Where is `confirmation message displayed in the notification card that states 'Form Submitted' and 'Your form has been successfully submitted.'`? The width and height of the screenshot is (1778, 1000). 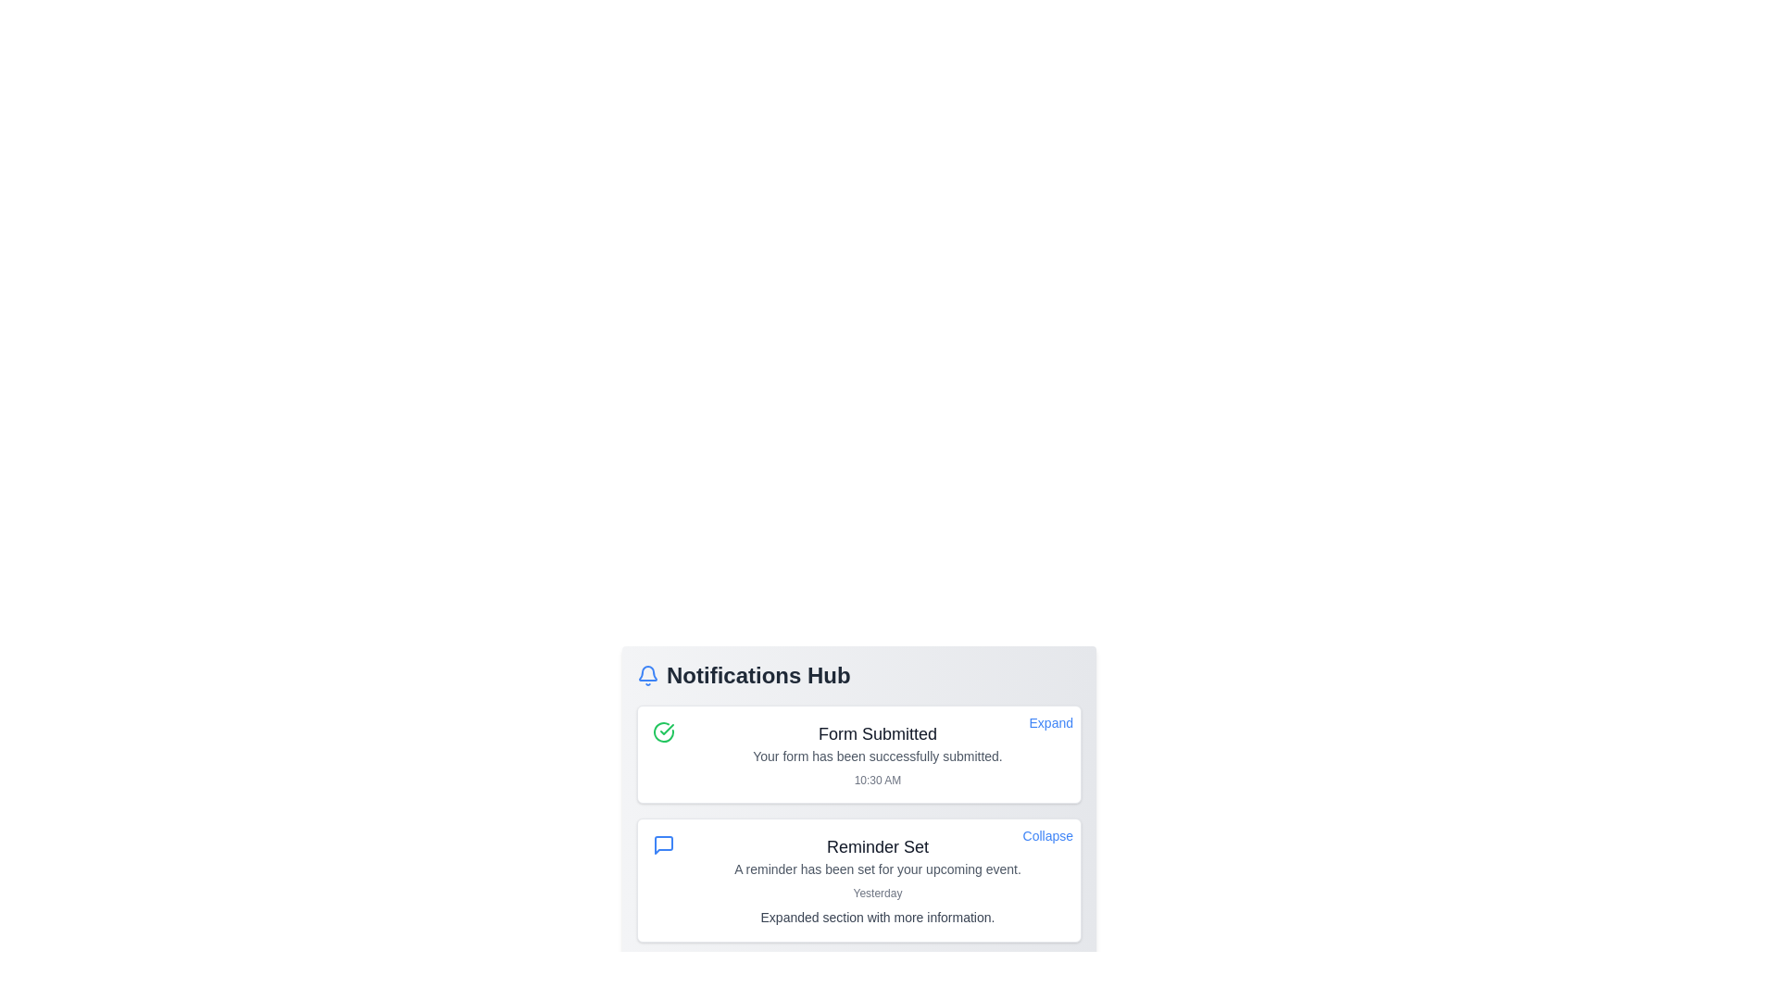 confirmation message displayed in the notification card that states 'Form Submitted' and 'Your form has been successfully submitted.' is located at coordinates (877, 754).